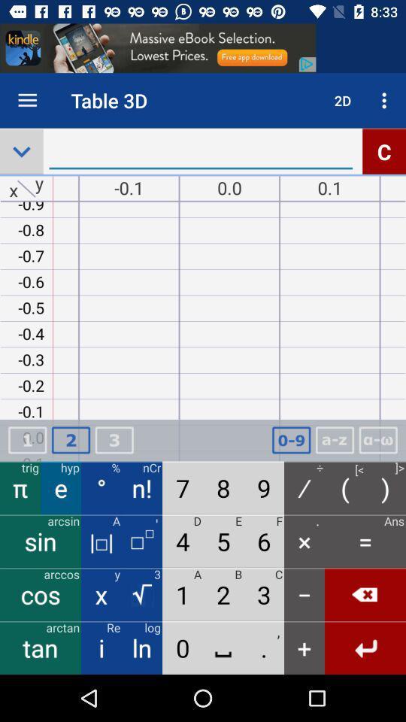  What do you see at coordinates (335, 440) in the screenshot?
I see `the text az` at bounding box center [335, 440].